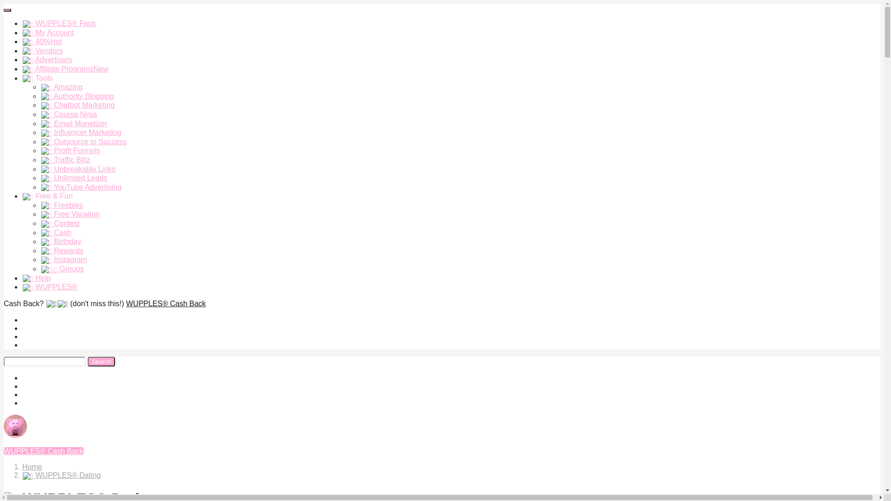 This screenshot has width=891, height=501. What do you see at coordinates (64, 259) in the screenshot?
I see `'Instagram'` at bounding box center [64, 259].